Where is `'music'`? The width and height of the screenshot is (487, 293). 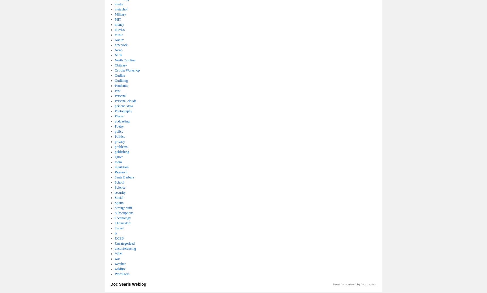
'music' is located at coordinates (119, 35).